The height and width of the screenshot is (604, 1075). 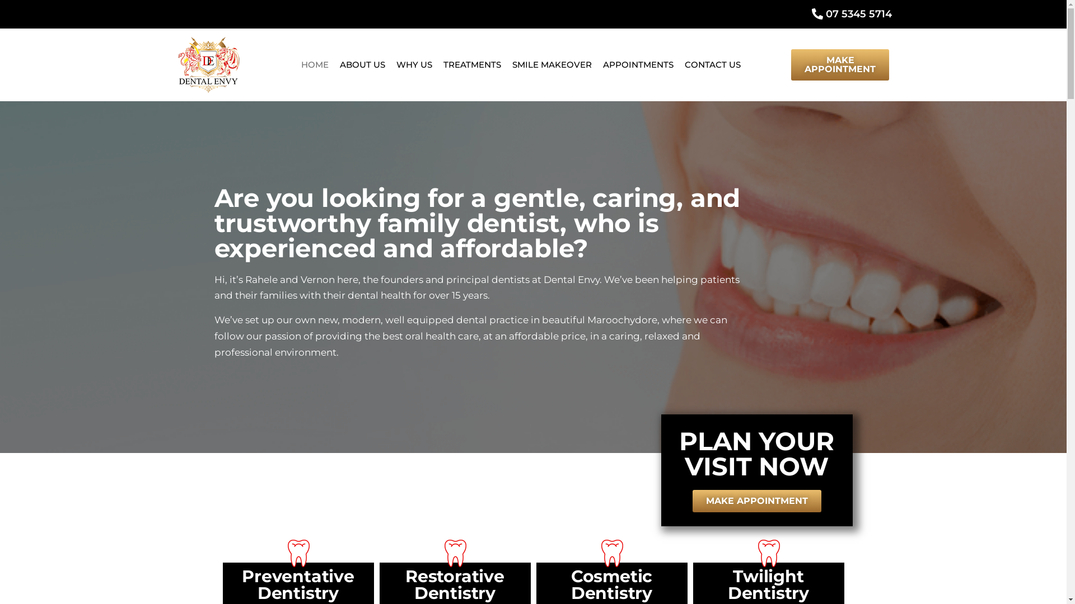 I want to click on 'WHY US', so click(x=413, y=64).